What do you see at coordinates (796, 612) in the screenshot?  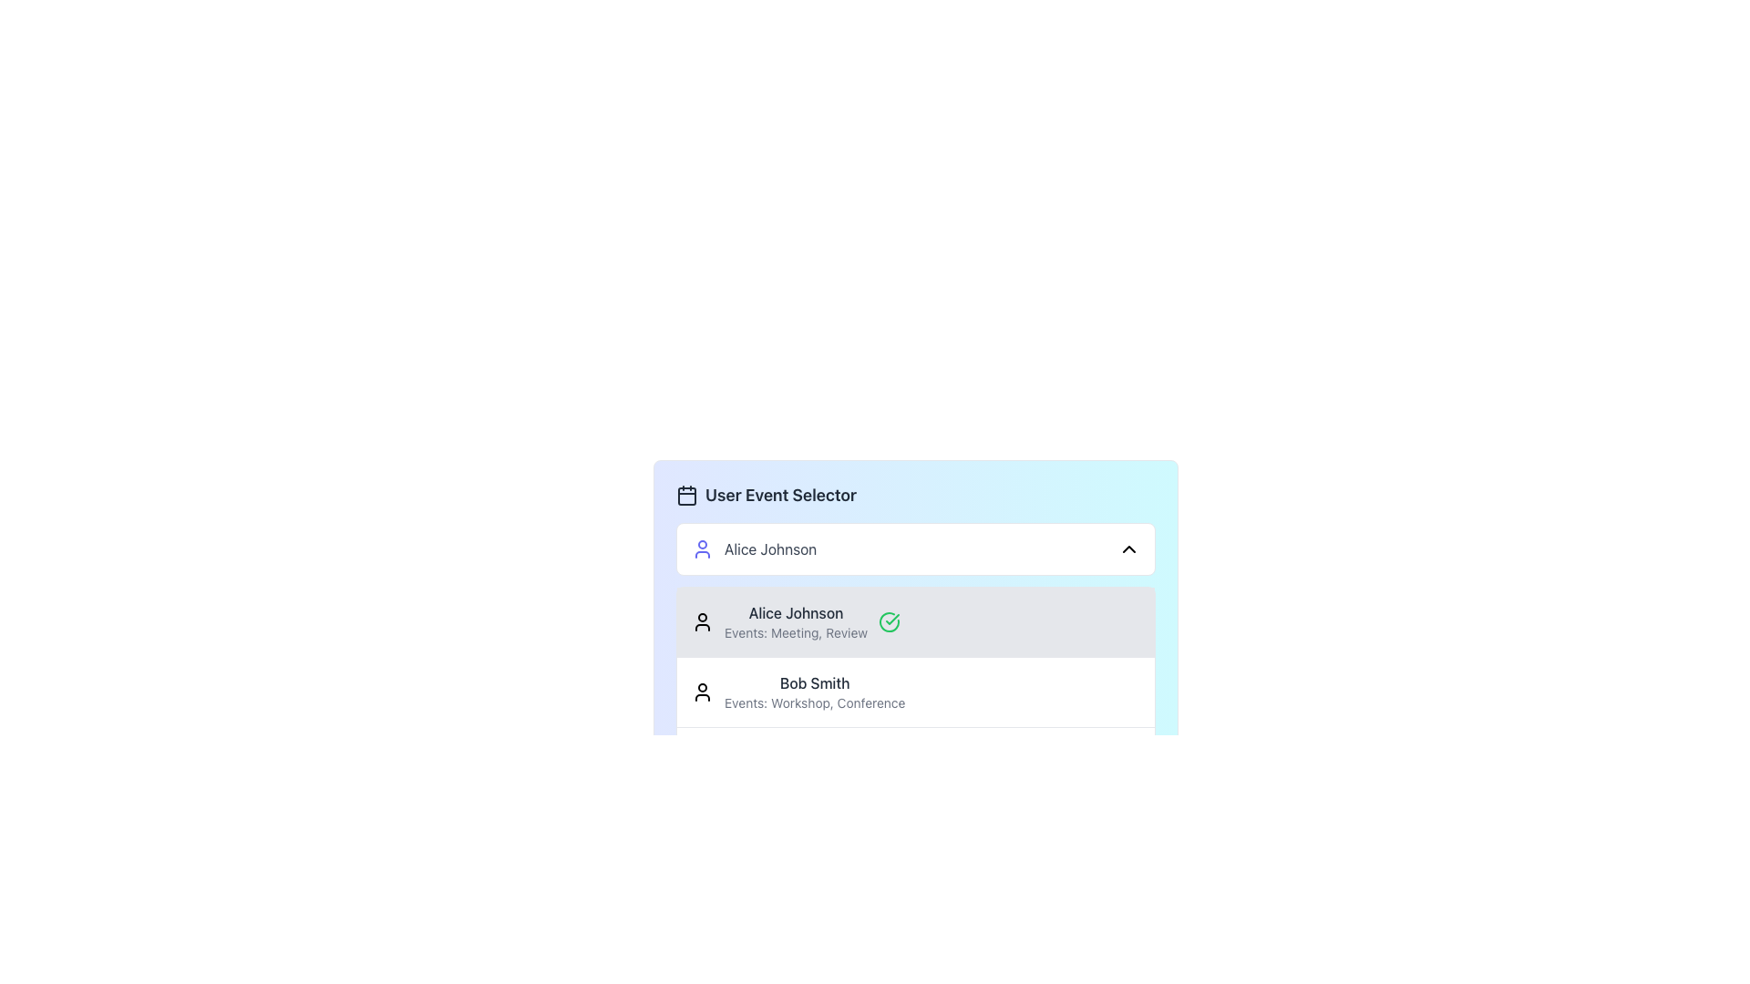 I see `the text label displaying 'Alice Johnson'` at bounding box center [796, 612].